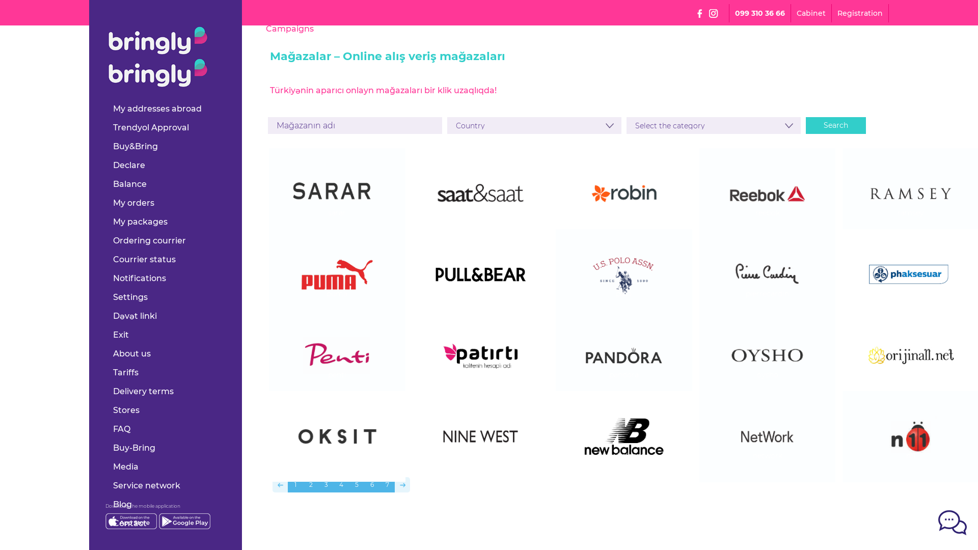 Image resolution: width=978 pixels, height=550 pixels. Describe the element at coordinates (480, 212) in the screenshot. I see `'saatvesaat'` at that location.